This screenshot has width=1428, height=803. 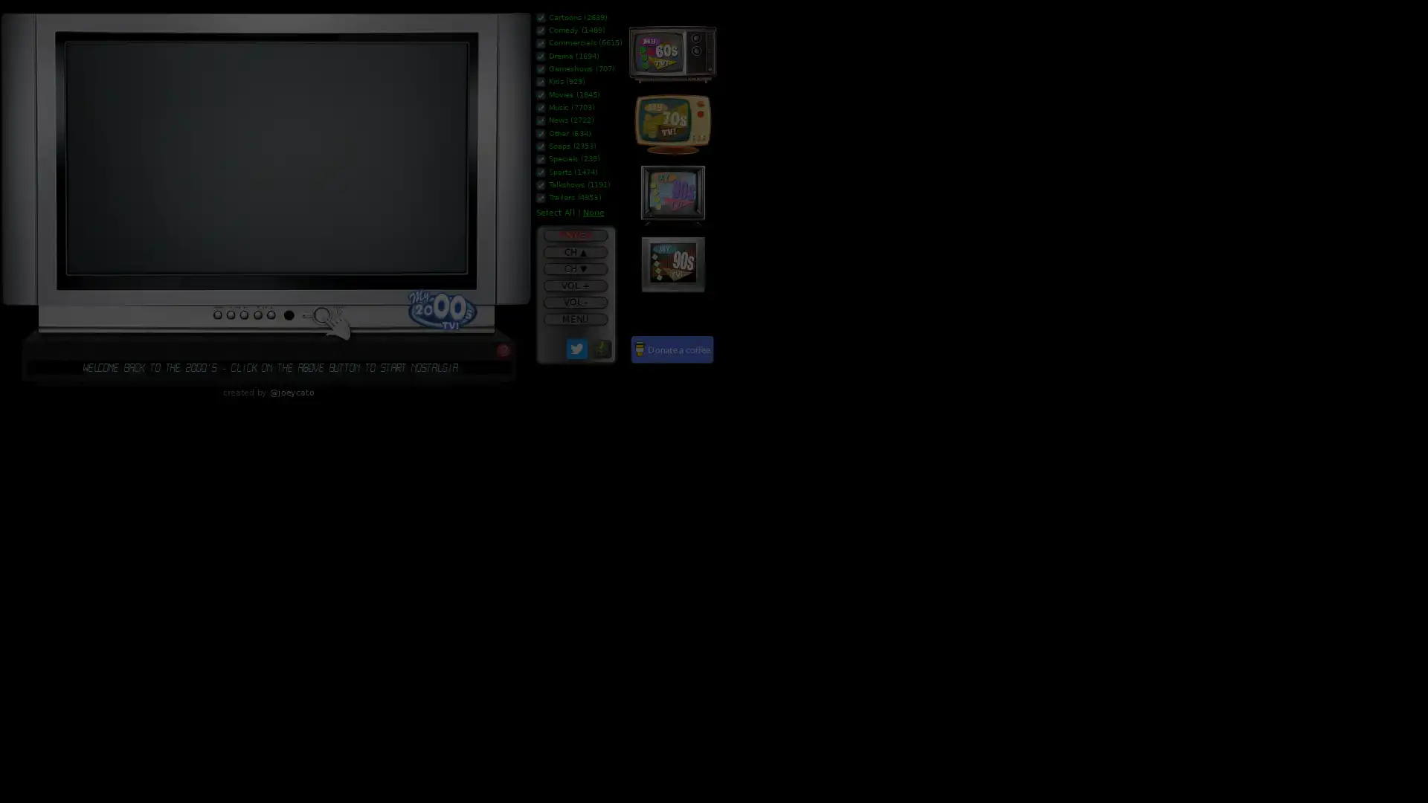 What do you see at coordinates (574, 286) in the screenshot?
I see `VOL +` at bounding box center [574, 286].